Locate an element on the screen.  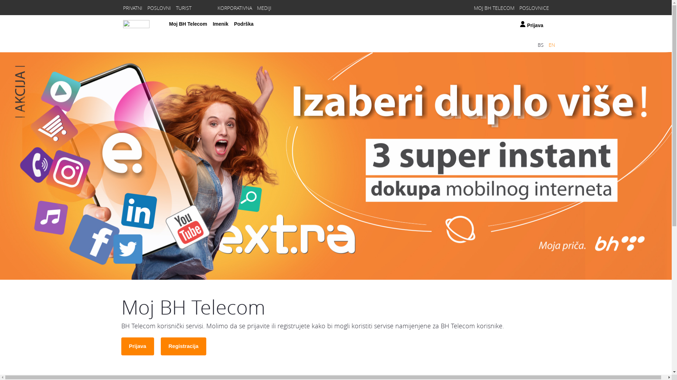
'MEDIJI' is located at coordinates (256, 8).